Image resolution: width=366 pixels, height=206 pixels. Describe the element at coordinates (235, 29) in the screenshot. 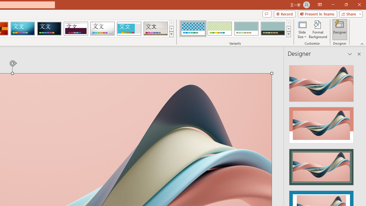

I see `'AutomationID: ThemeVariantsGallery'` at that location.